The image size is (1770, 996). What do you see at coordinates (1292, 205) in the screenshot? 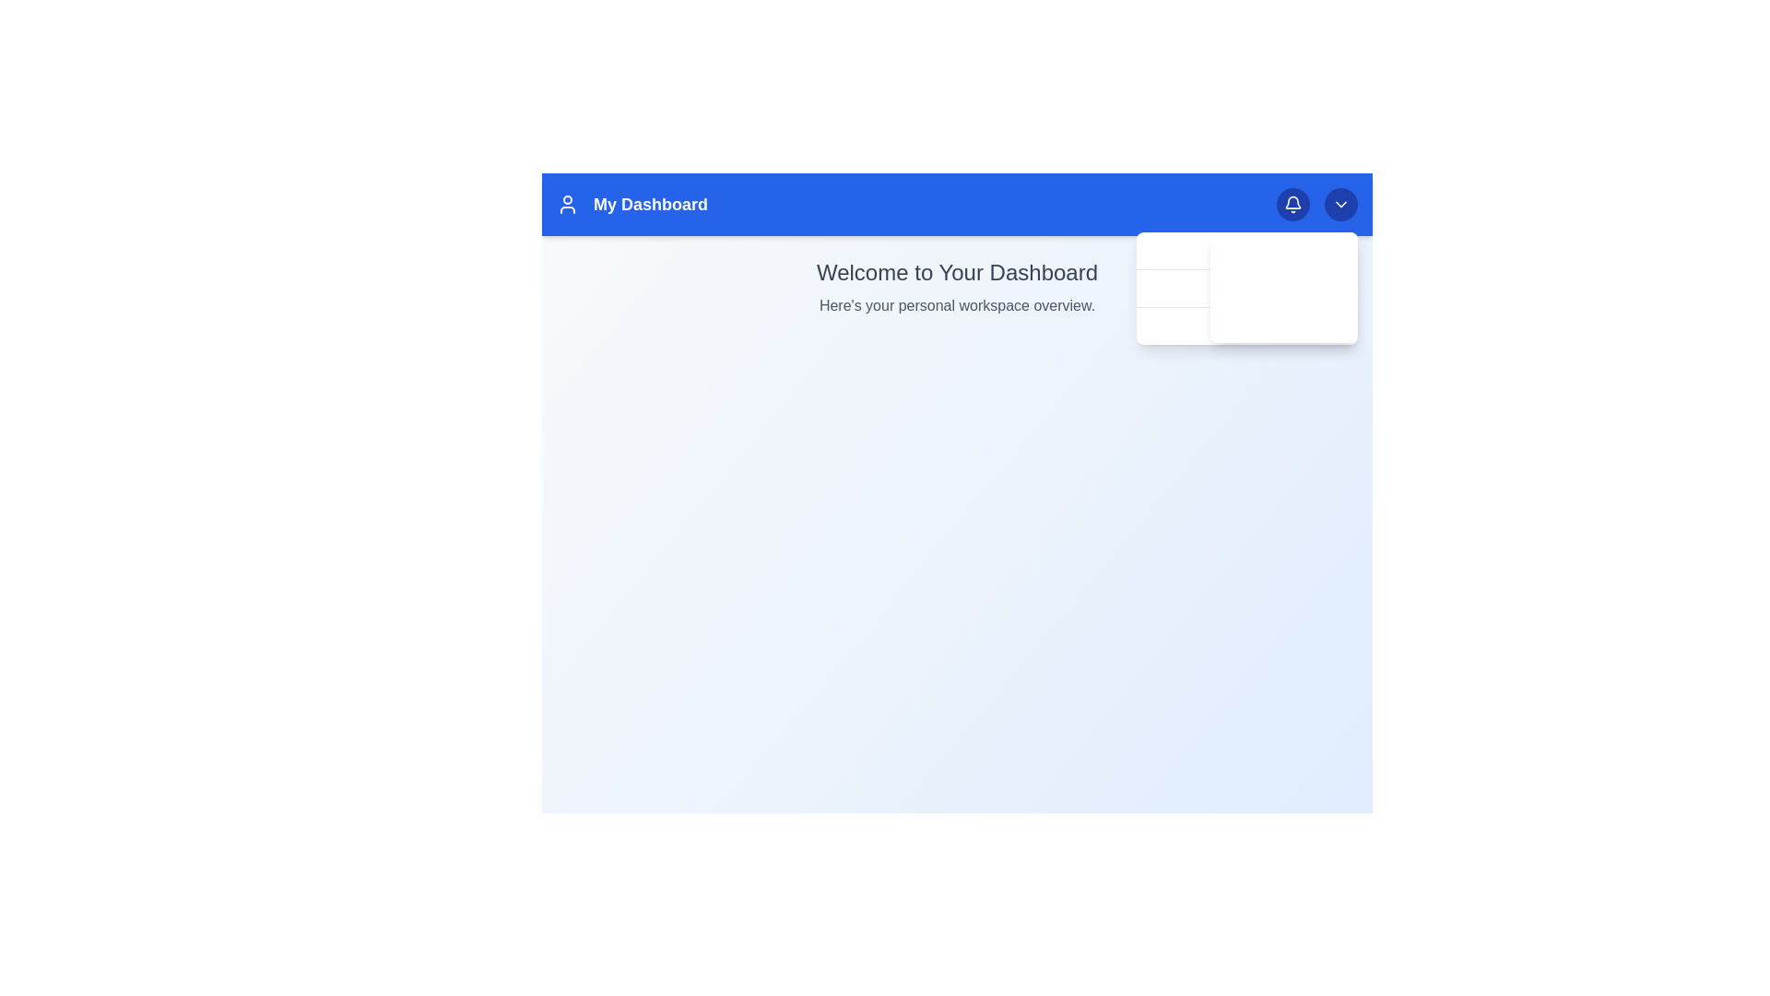
I see `the Bell Notification Icon located in the top-right corner of the main navigation bar` at bounding box center [1292, 205].